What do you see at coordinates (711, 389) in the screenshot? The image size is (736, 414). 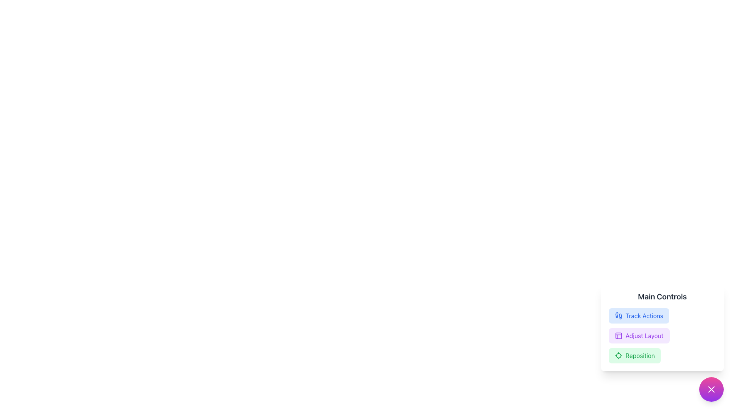 I see `the 'X' icon, which is a small minimalist icon with a thin white stroke, located at the center of a circular pink-purple gradient button in the bottom-right corner of the interface, to possibly receive visual feedback` at bounding box center [711, 389].